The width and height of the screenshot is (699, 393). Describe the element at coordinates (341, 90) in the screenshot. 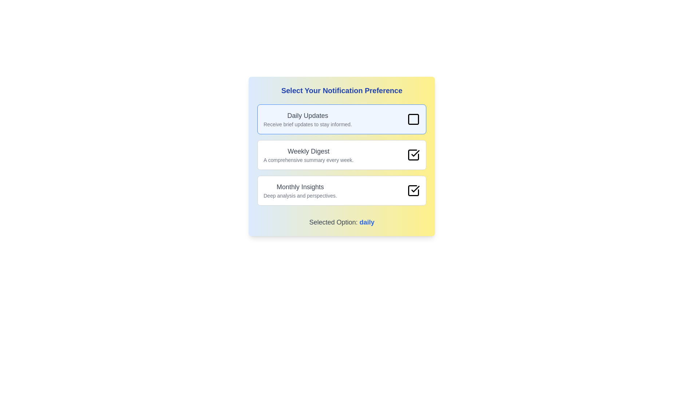

I see `the bold, blue-colored header text that reads 'Select Your Notification Preference', which is prominently displayed at the top-center of the layout inside a rounded, gradient-colored box` at that location.